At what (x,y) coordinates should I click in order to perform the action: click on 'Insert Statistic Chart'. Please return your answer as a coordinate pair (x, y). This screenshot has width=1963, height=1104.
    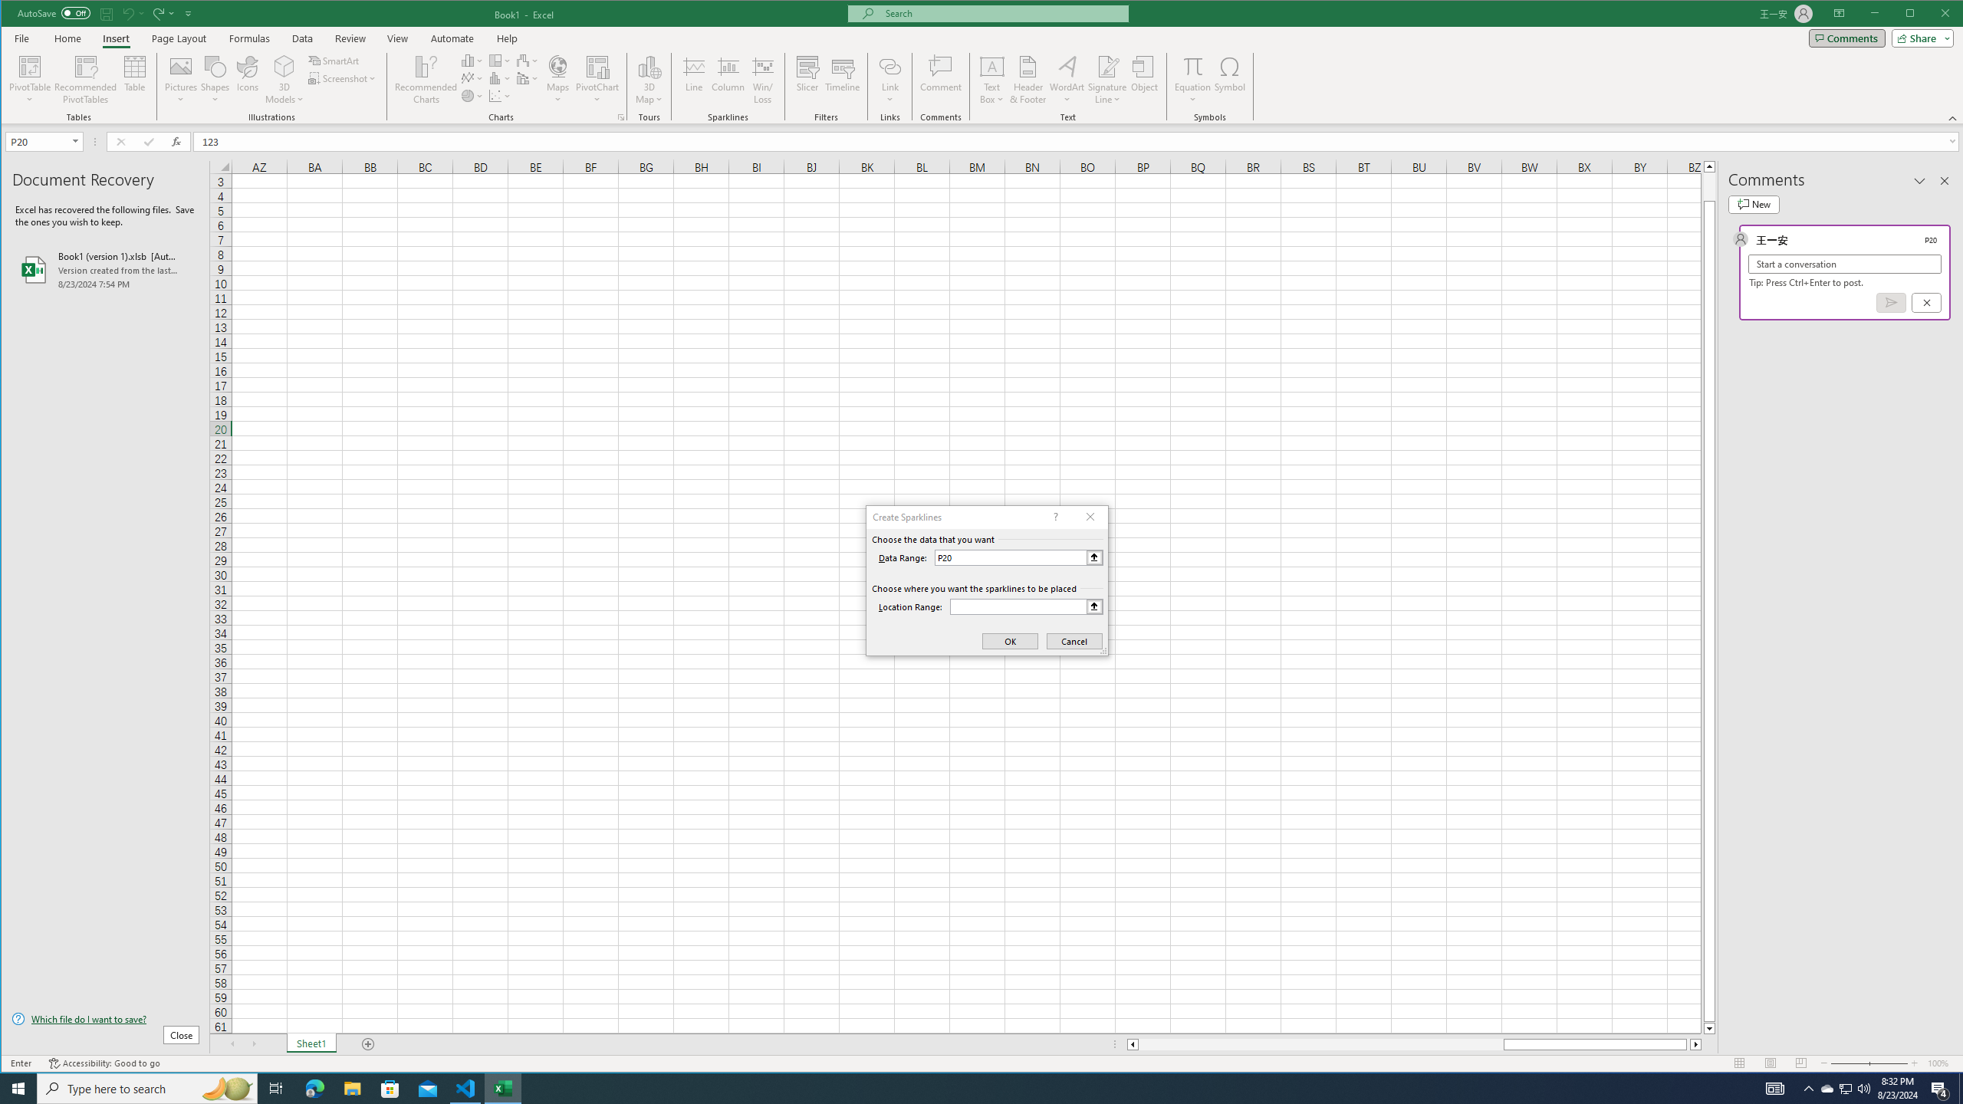
    Looking at the image, I should click on (500, 78).